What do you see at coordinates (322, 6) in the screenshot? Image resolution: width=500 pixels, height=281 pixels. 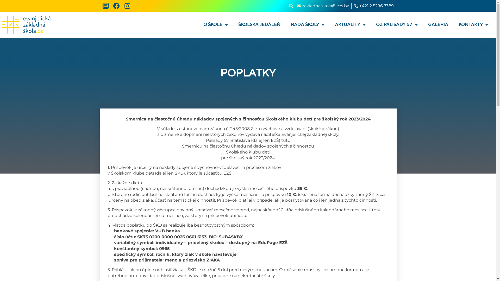 I see `'zakladna.skola@ezs.ba'` at bounding box center [322, 6].